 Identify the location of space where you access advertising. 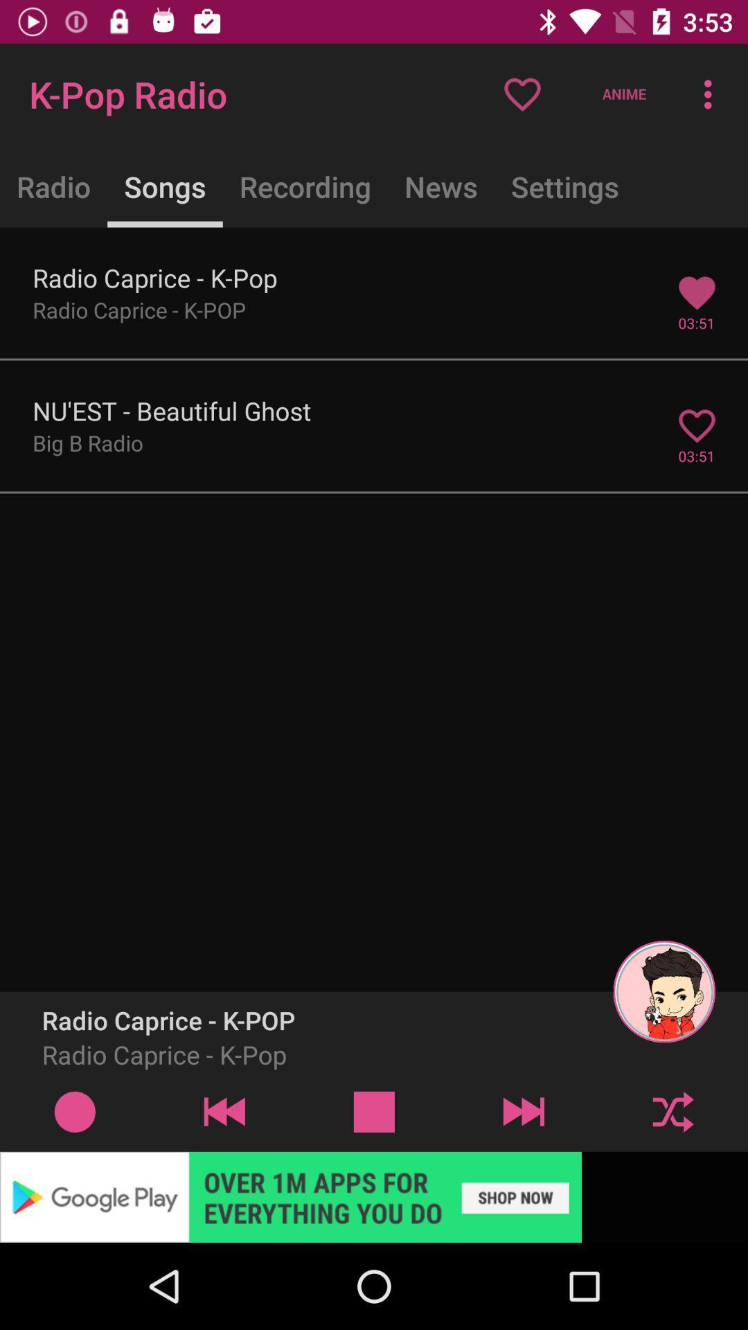
(374, 1196).